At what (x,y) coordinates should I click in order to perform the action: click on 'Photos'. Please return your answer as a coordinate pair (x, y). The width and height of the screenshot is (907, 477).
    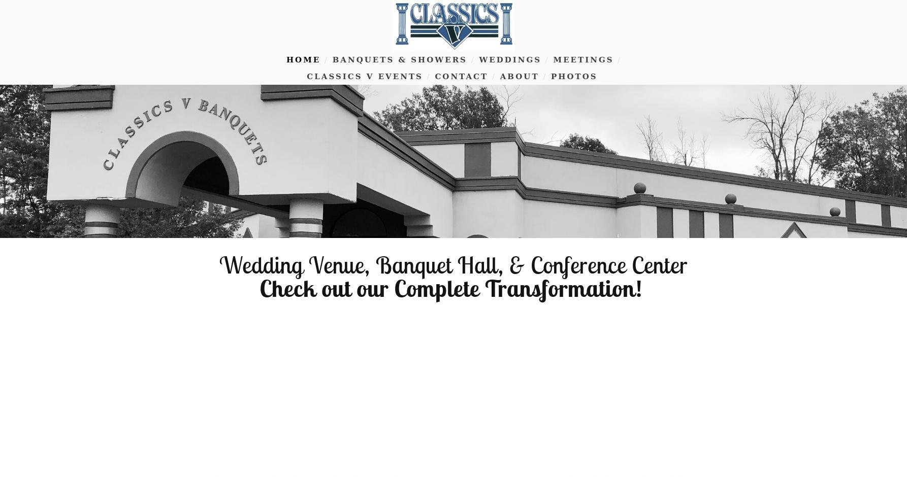
    Looking at the image, I should click on (573, 76).